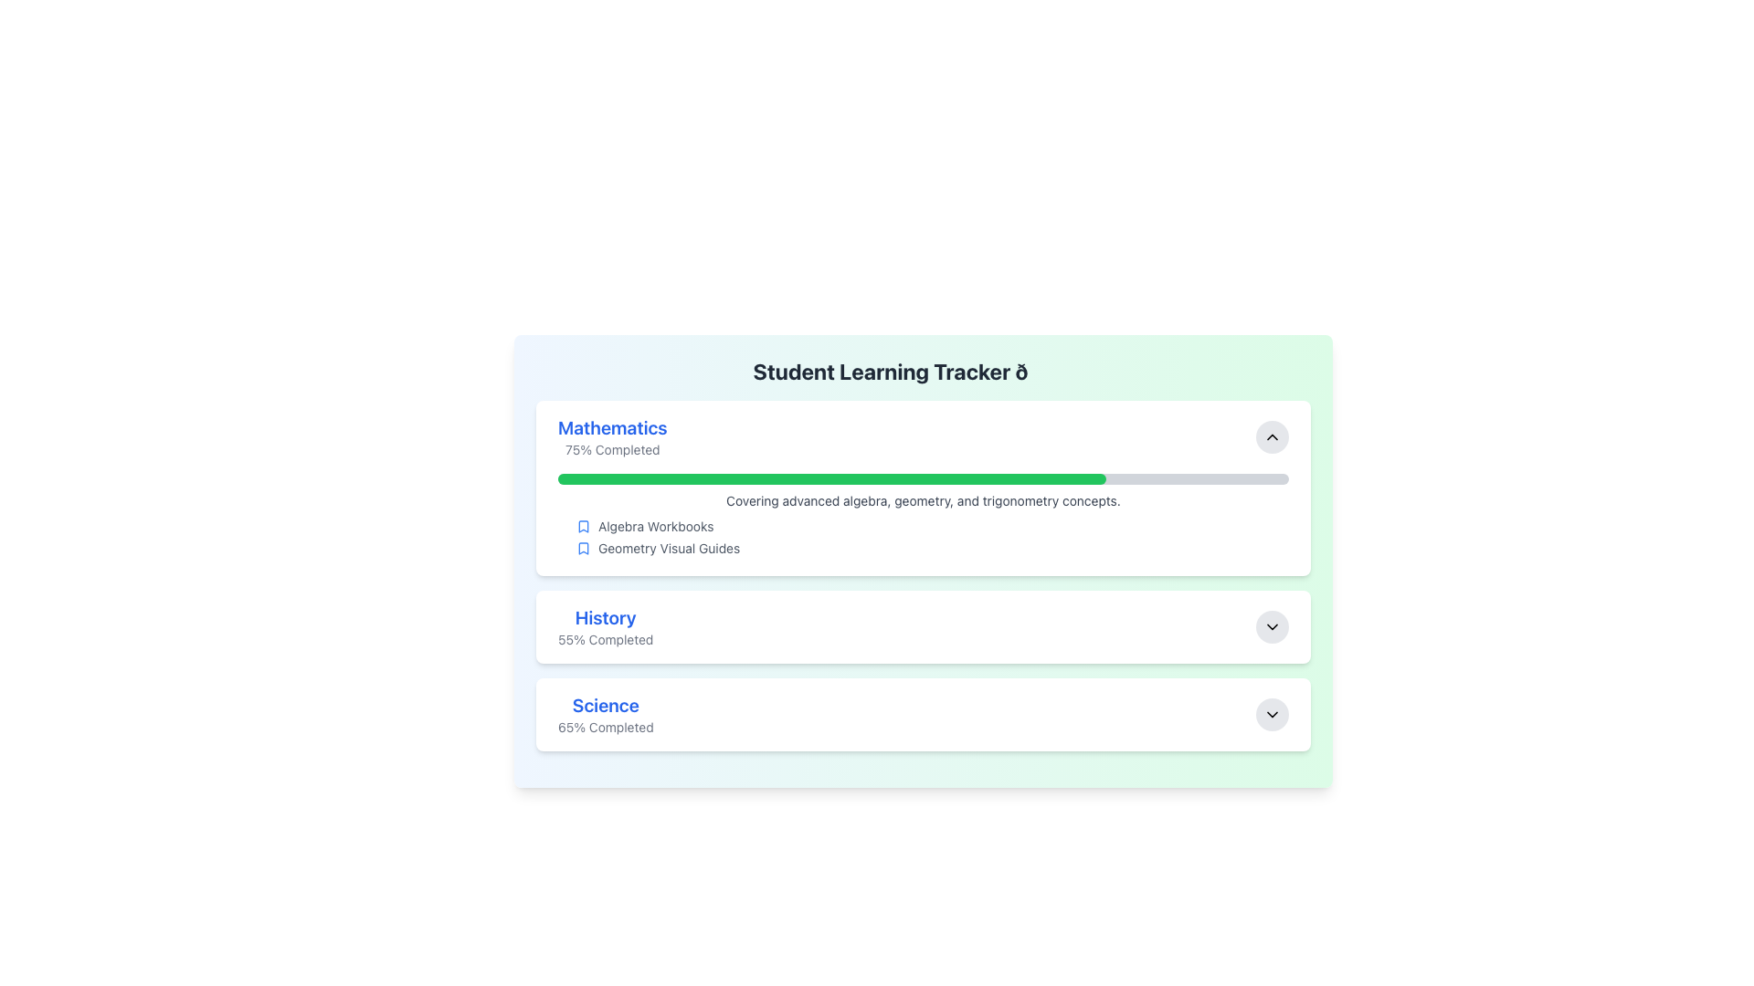 The width and height of the screenshot is (1754, 986). What do you see at coordinates (924, 488) in the screenshot?
I see `displayed information in the Informational module about 'Mathematics', which shows progress and details in the 'Student Learning Tracker' section` at bounding box center [924, 488].